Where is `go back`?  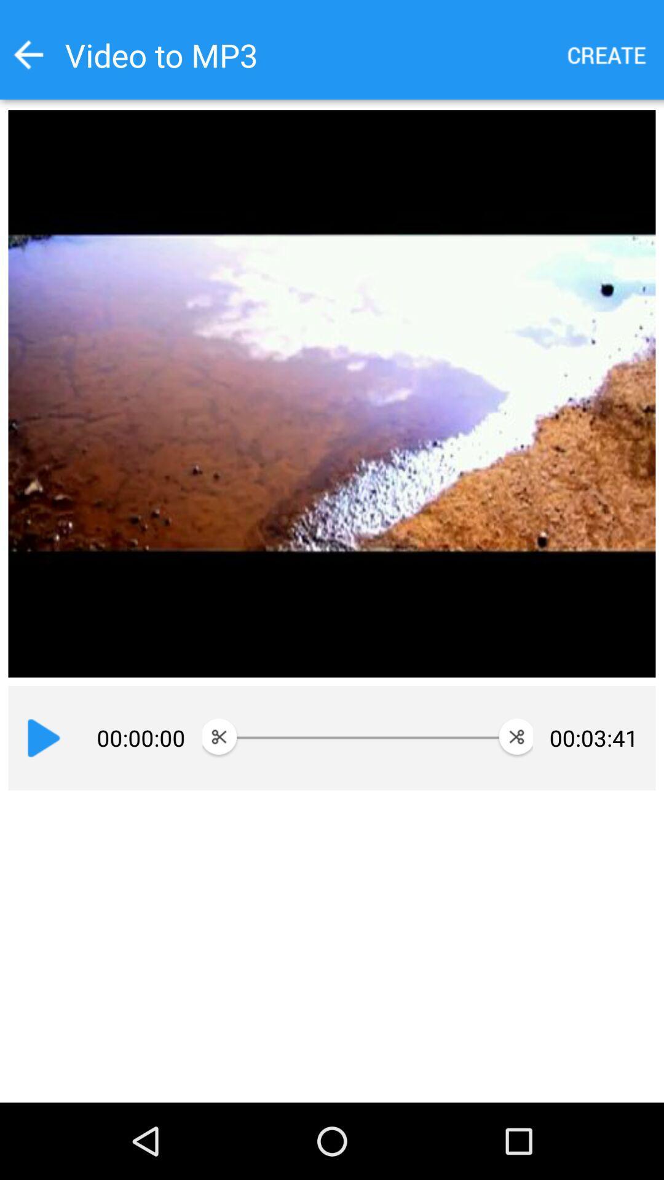
go back is located at coordinates (28, 54).